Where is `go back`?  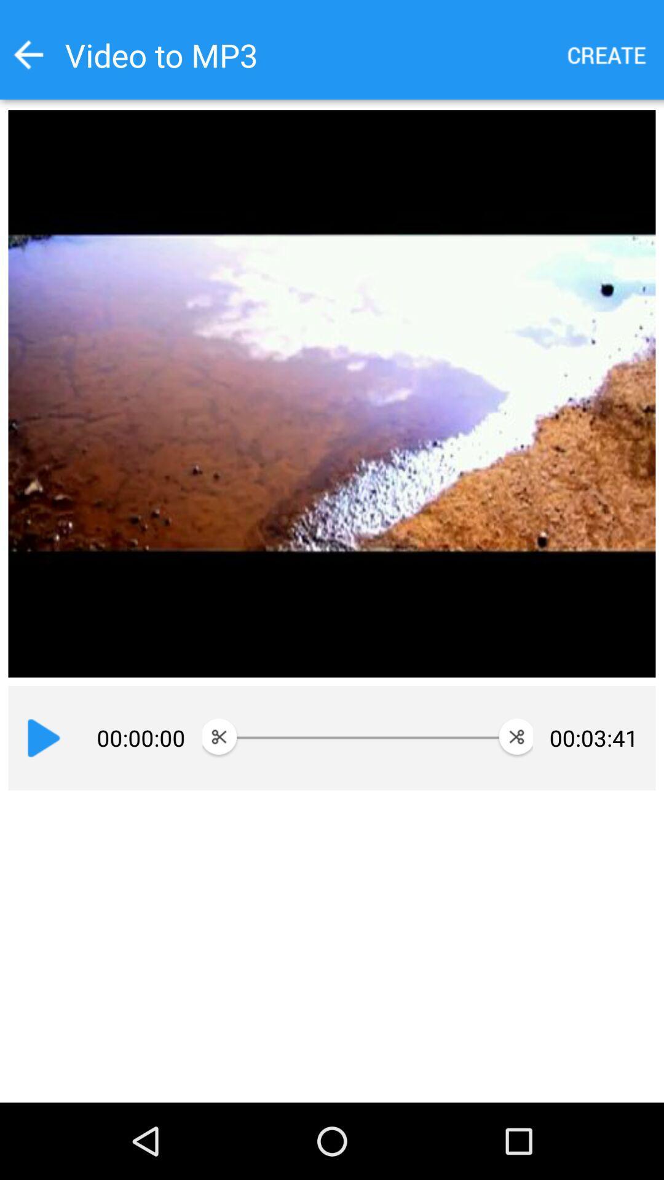
go back is located at coordinates (28, 54).